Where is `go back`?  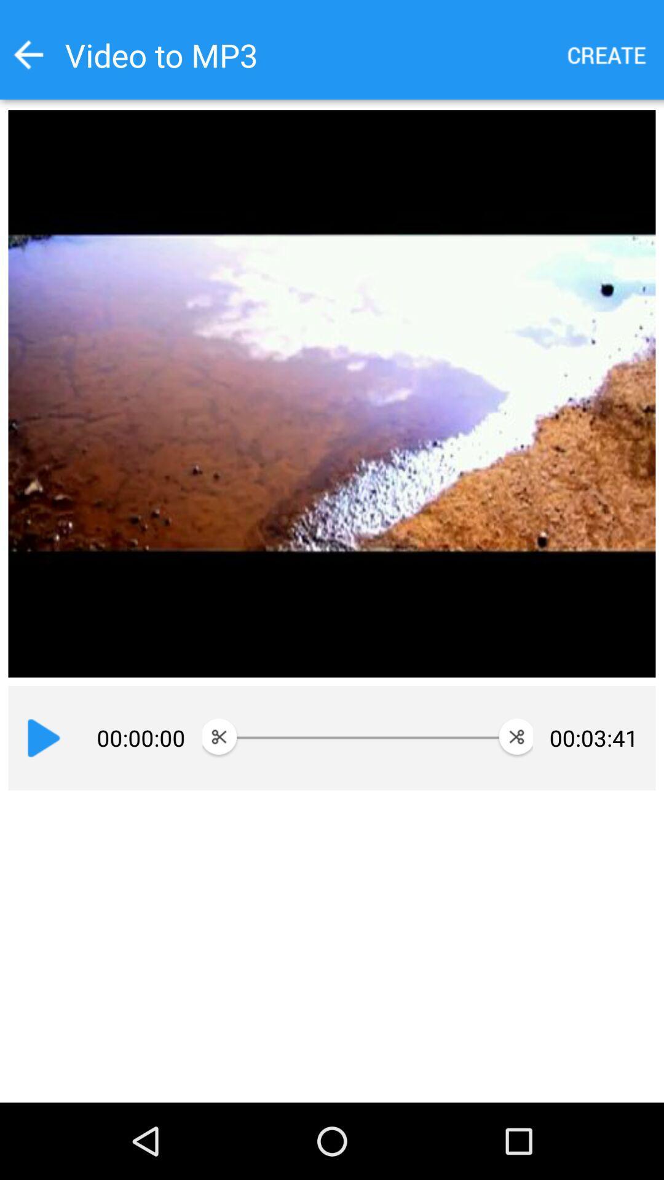
go back is located at coordinates (28, 54).